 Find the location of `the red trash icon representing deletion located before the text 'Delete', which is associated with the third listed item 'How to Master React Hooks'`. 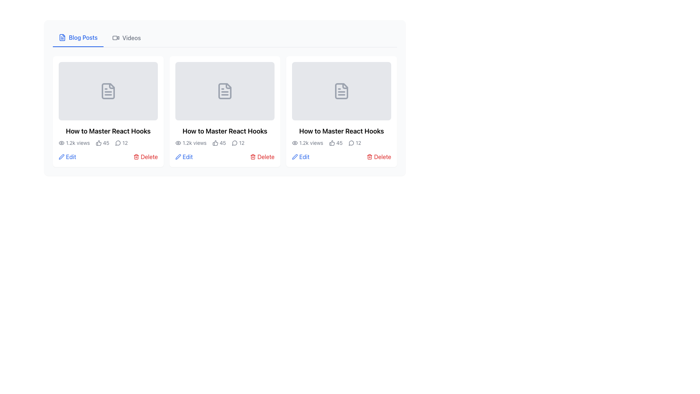

the red trash icon representing deletion located before the text 'Delete', which is associated with the third listed item 'How to Master React Hooks' is located at coordinates (253, 156).